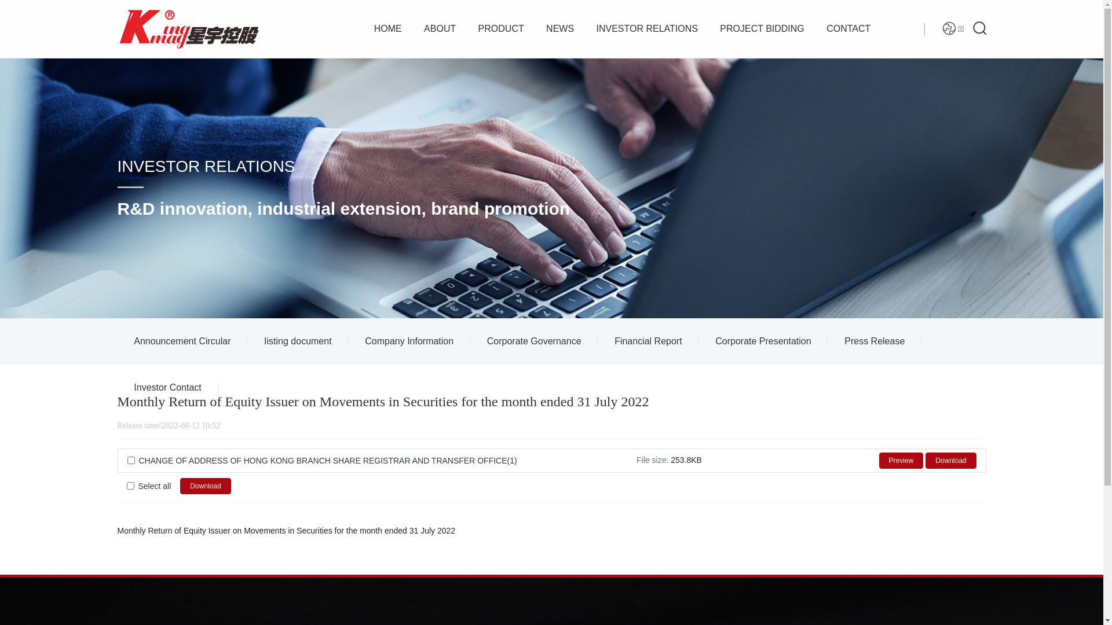 The image size is (1112, 625). Describe the element at coordinates (848, 28) in the screenshot. I see `'CONTACT'` at that location.